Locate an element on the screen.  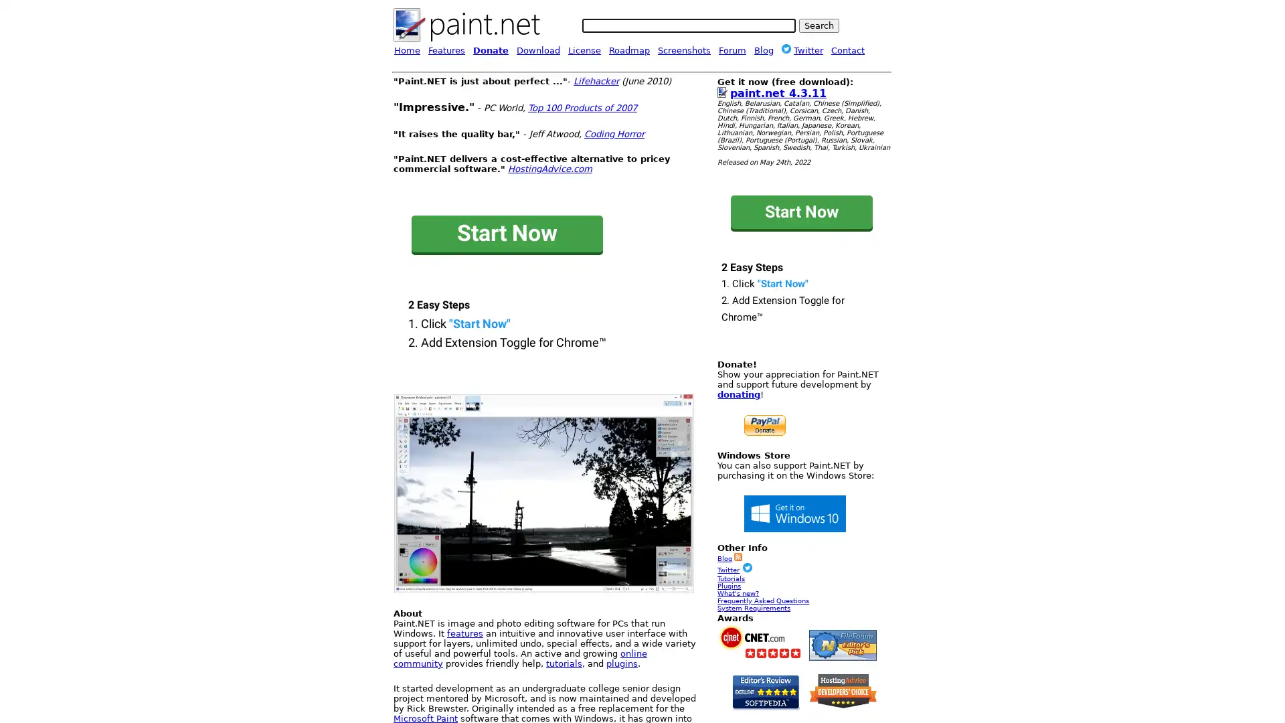
Search is located at coordinates (819, 25).